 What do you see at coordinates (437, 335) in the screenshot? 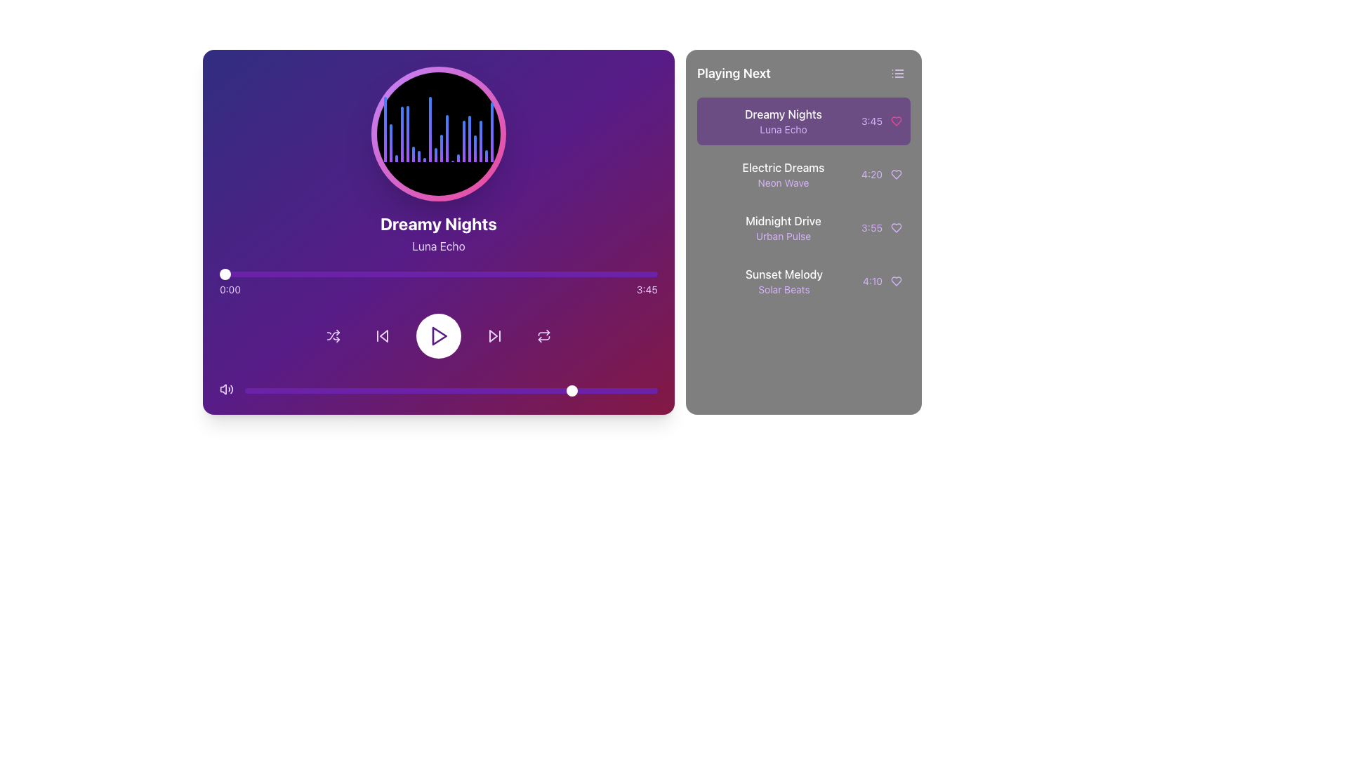
I see `the triangular play icon with a purple border located centrally within the circular button in the main music control area to initiate playback` at bounding box center [437, 335].